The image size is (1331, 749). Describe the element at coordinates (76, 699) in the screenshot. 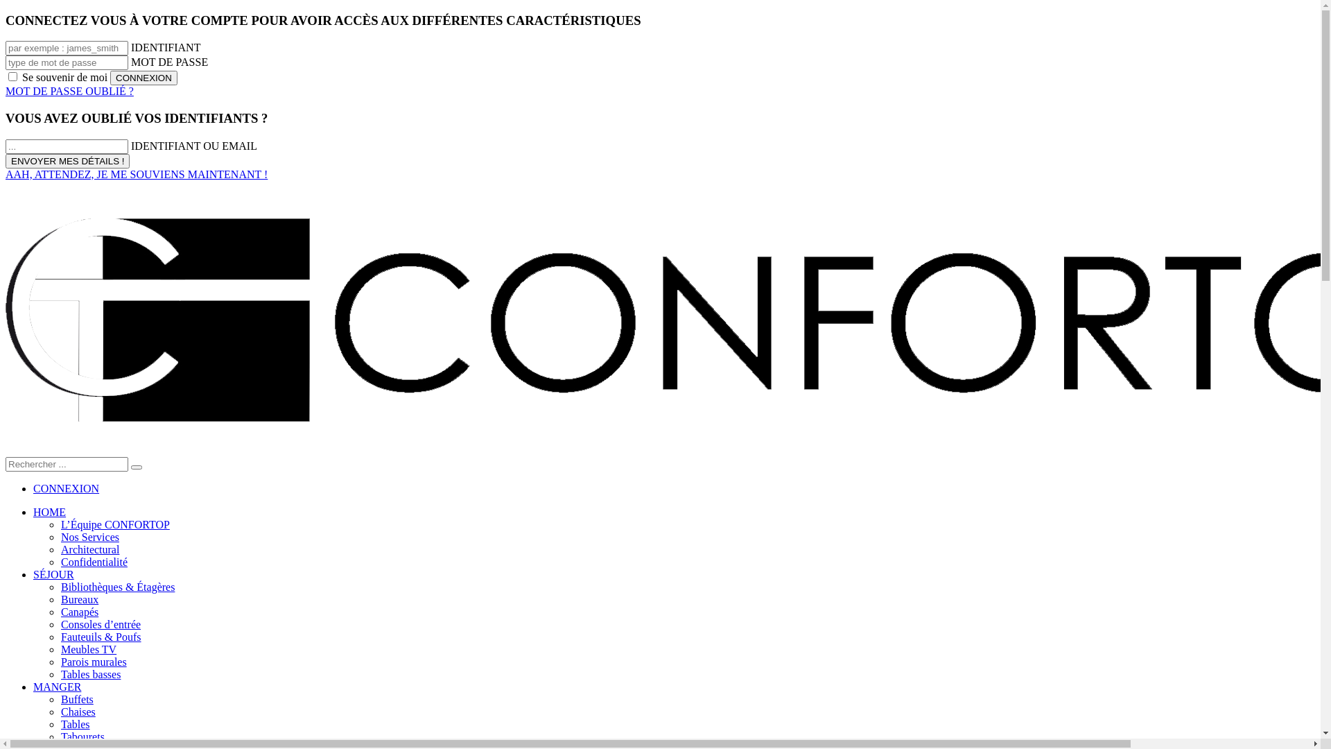

I see `'Buffets'` at that location.